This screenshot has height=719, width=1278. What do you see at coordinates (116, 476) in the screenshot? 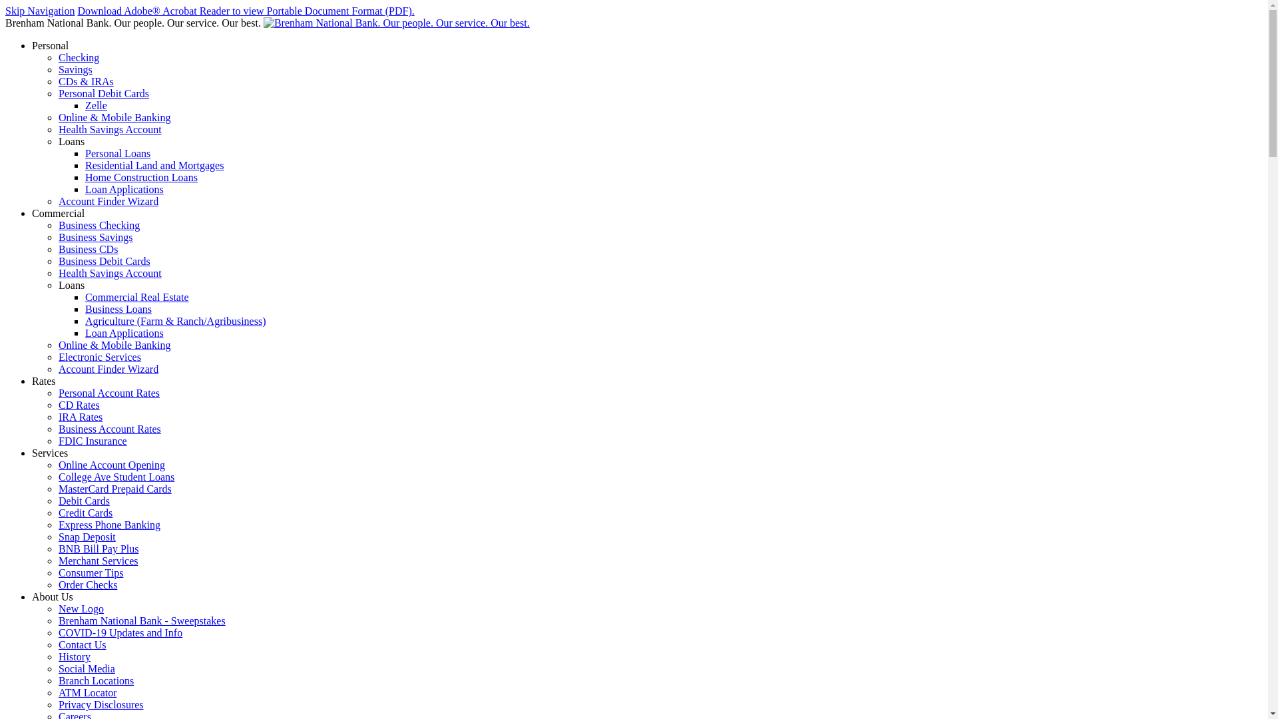
I see `'College Ave Student Loans'` at bounding box center [116, 476].